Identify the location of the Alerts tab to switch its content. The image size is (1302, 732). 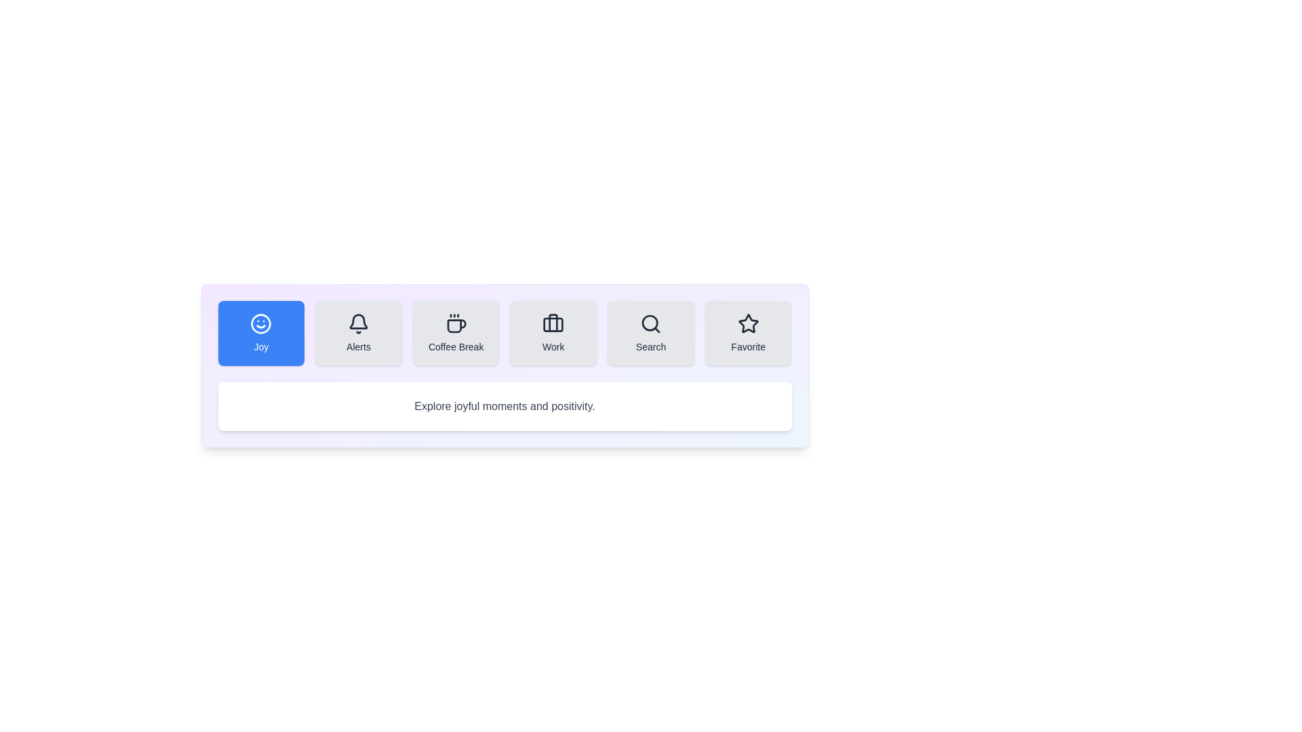
(358, 333).